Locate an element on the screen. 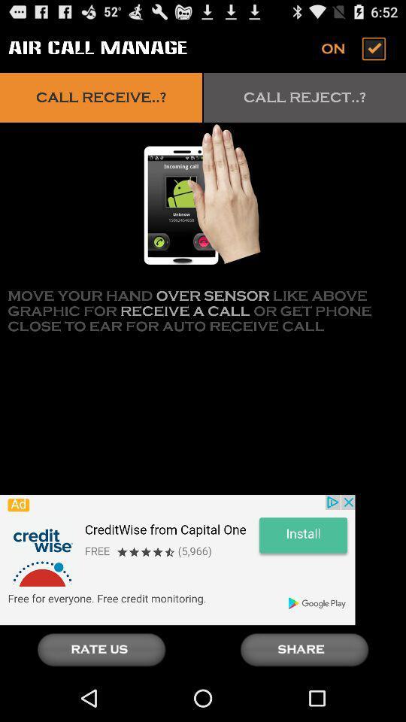 The height and width of the screenshot is (722, 406). give a rating is located at coordinates (101, 649).